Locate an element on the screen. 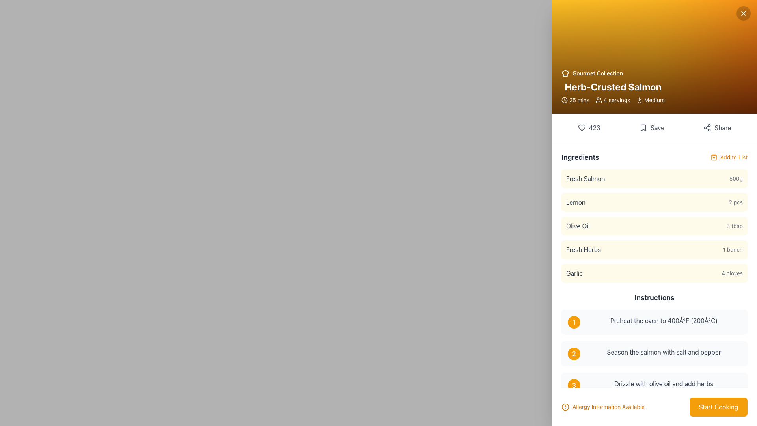 This screenshot has height=426, width=757. static text label displaying 'Fresh Salmon' in the 'Ingredients' section for ingredient identification is located at coordinates (585, 178).